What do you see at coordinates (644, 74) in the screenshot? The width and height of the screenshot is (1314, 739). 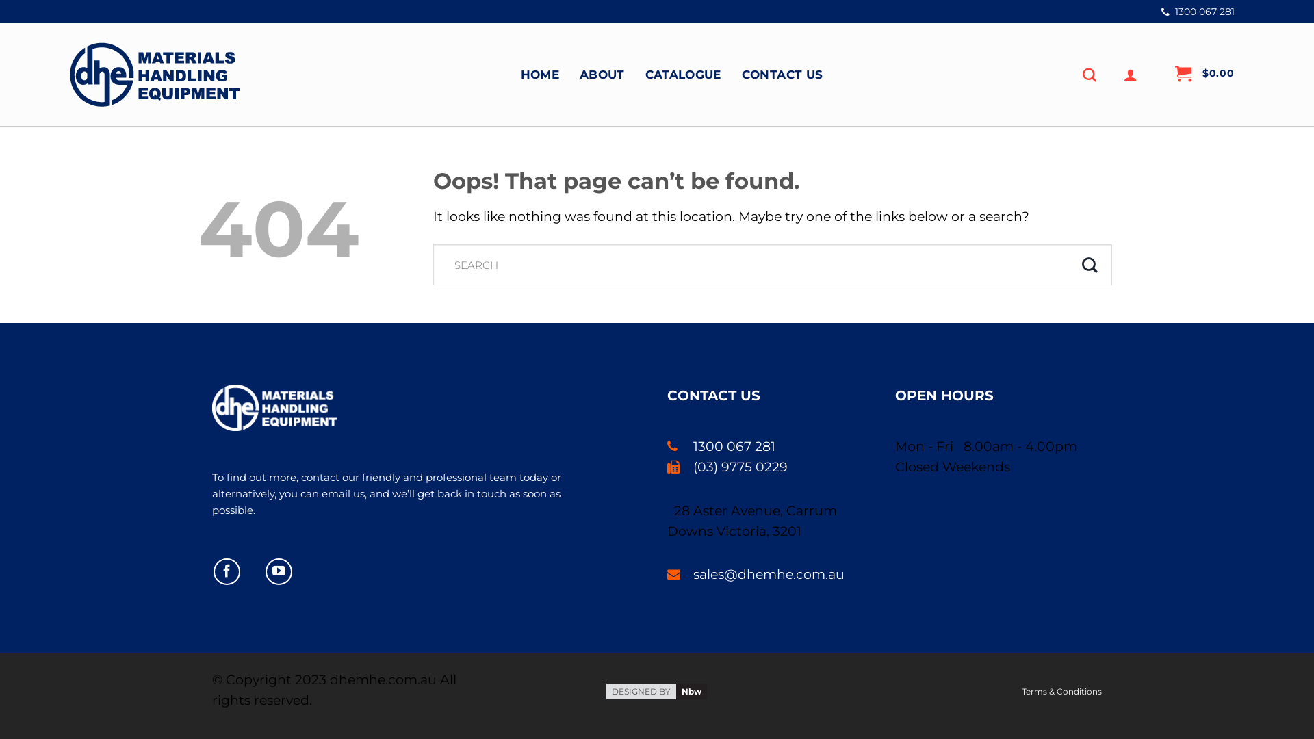 I see `'CATALOGUE'` at bounding box center [644, 74].